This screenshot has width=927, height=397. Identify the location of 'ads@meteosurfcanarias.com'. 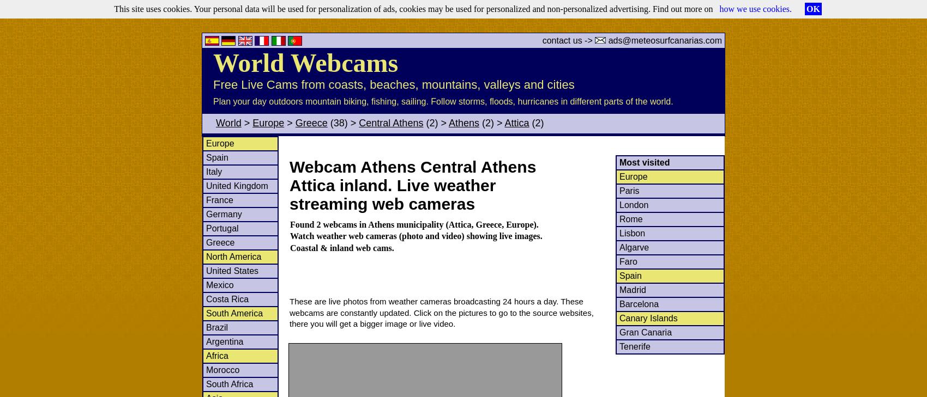
(663, 40).